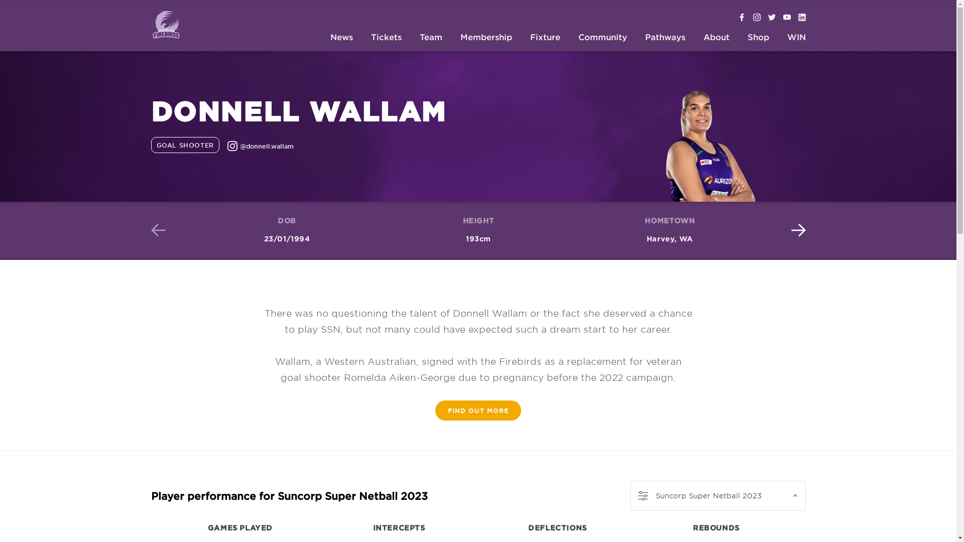 This screenshot has height=542, width=964. I want to click on 'WIN', so click(795, 38).